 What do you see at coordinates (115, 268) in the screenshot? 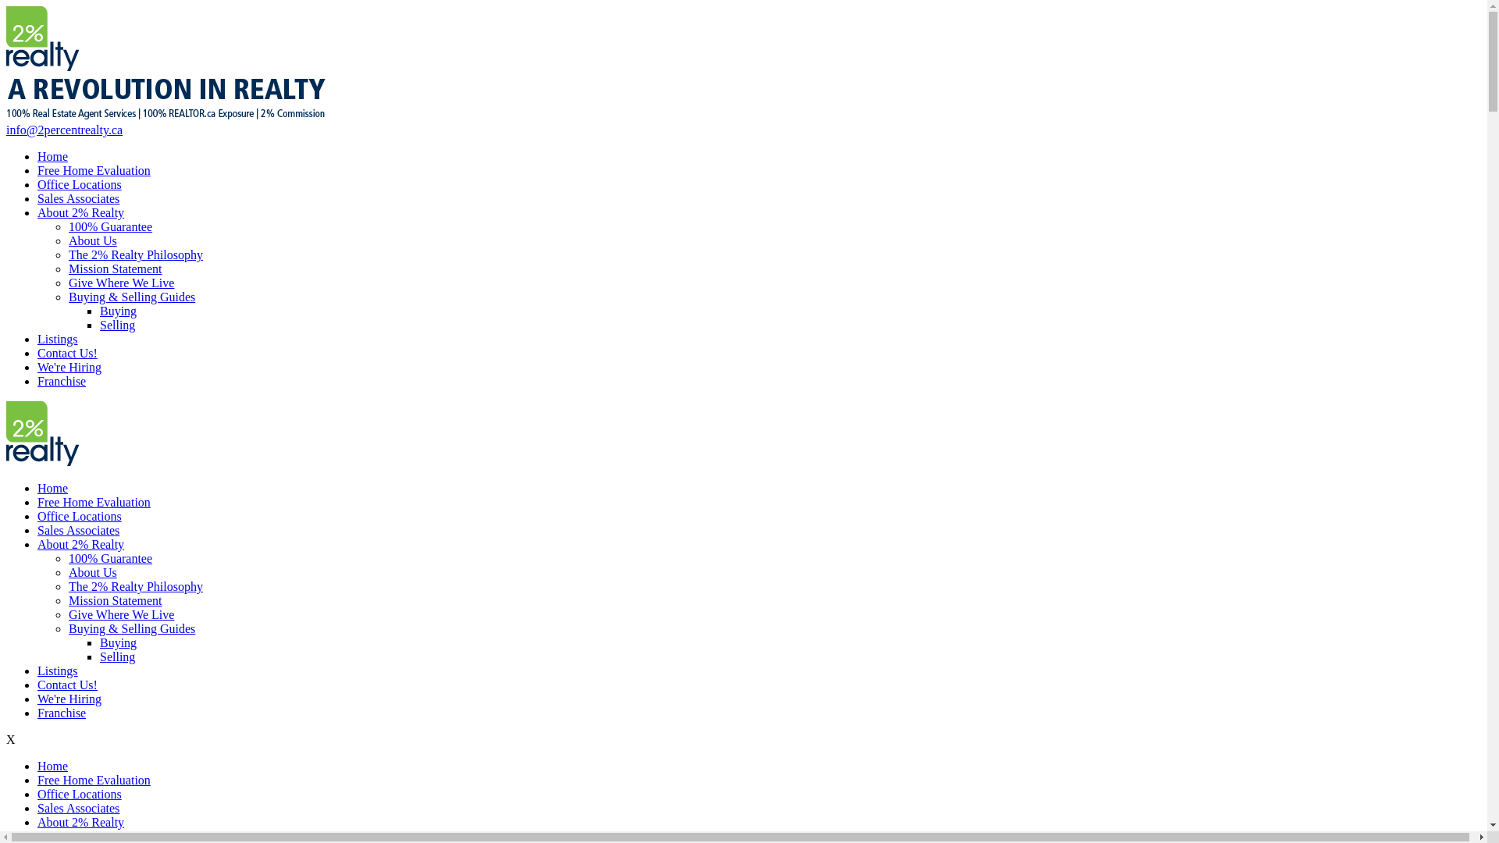
I see `'Mission Statement'` at bounding box center [115, 268].